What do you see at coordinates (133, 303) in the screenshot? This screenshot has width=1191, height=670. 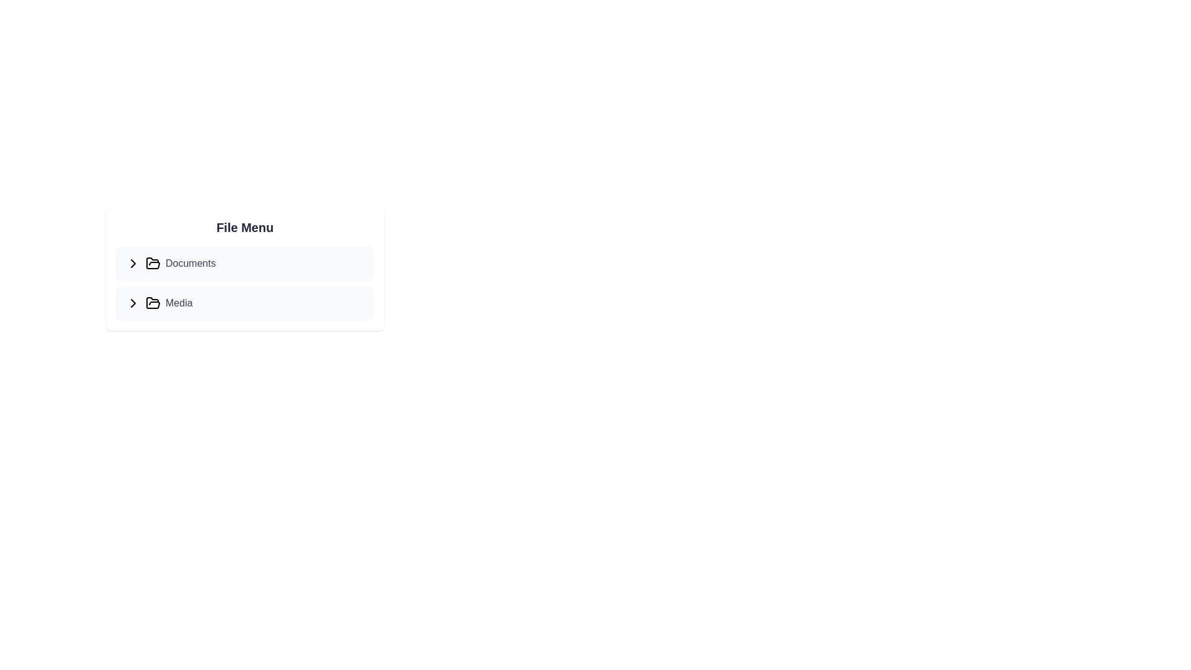 I see `the chevron icon located in the left segment of the 'Media' row within the 'File Menu'` at bounding box center [133, 303].